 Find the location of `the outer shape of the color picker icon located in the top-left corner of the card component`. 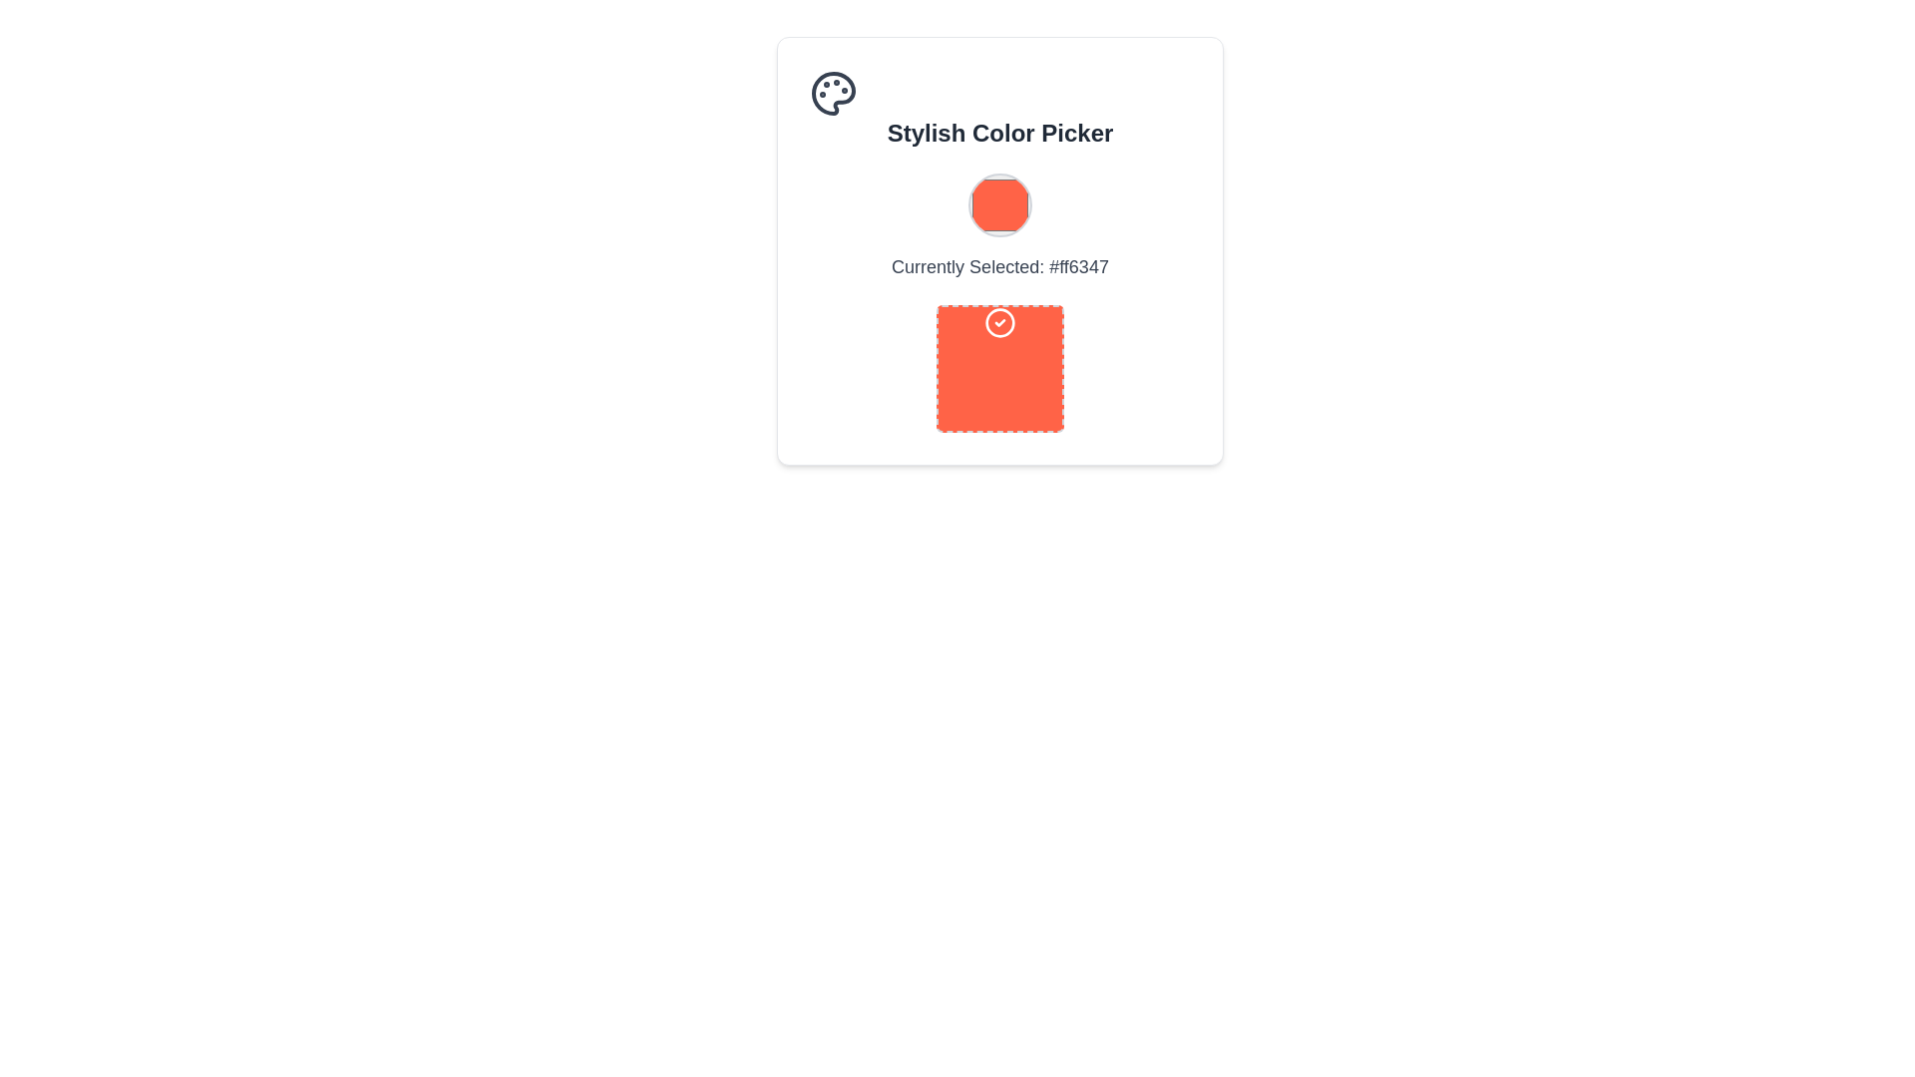

the outer shape of the color picker icon located in the top-left corner of the card component is located at coordinates (833, 93).